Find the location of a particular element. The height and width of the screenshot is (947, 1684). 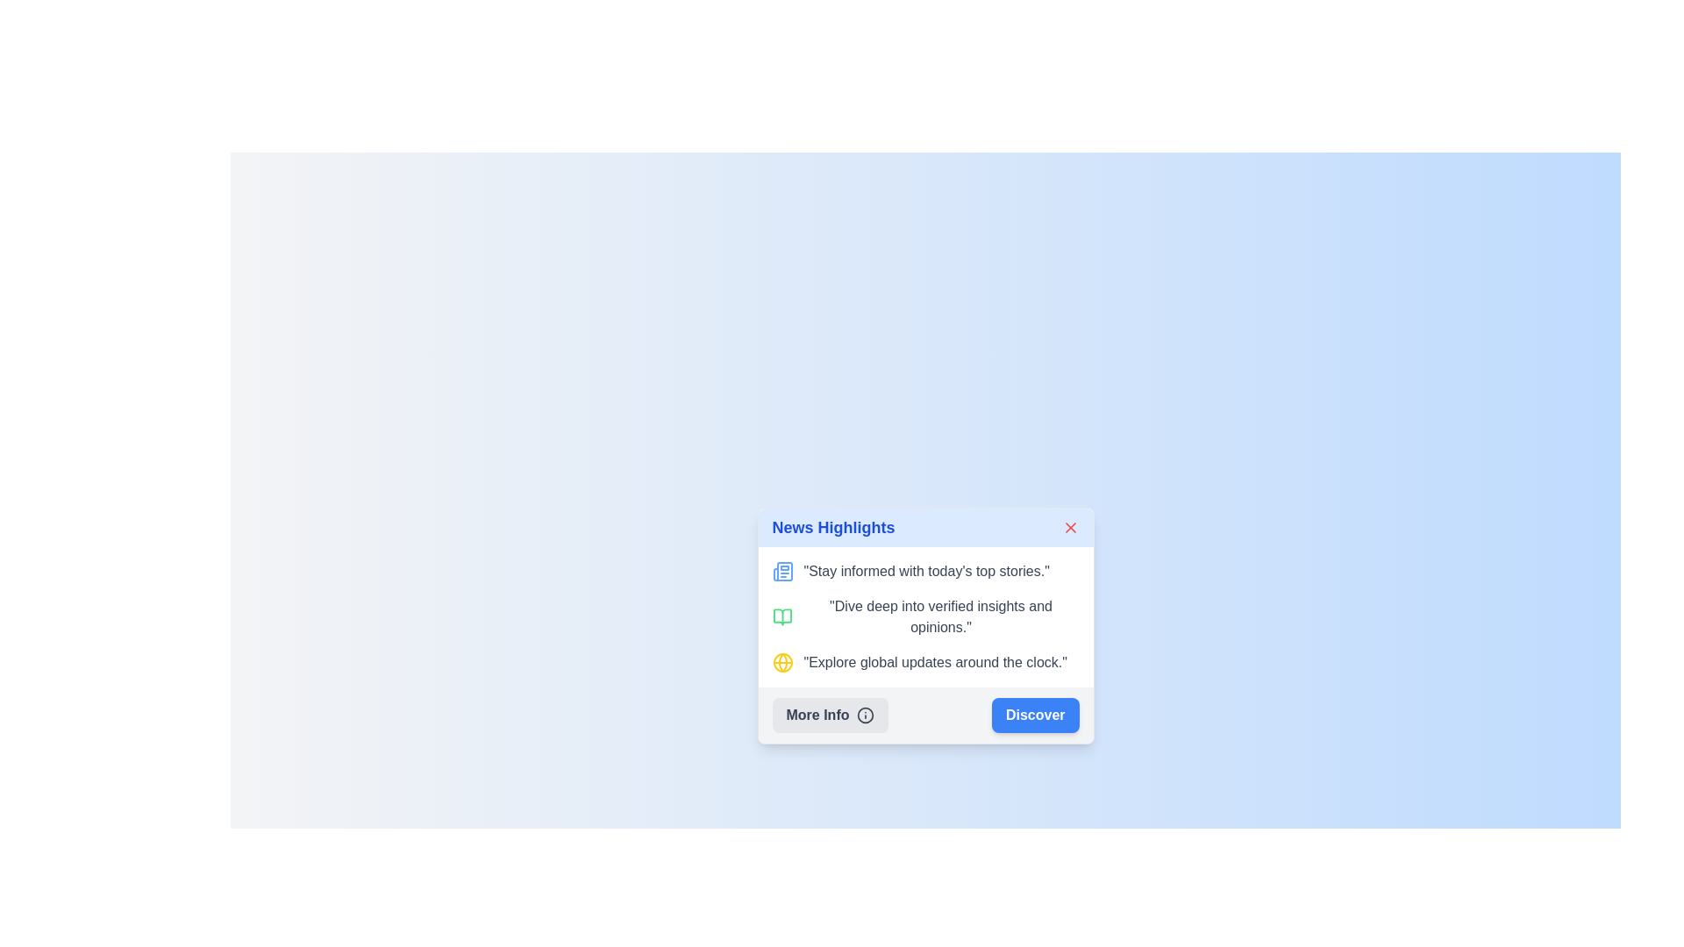

the blue rectangular button with rounded corners and white bold text reading 'Discover' located in the footer of the 'News Highlights' pop-up is located at coordinates (1035, 716).